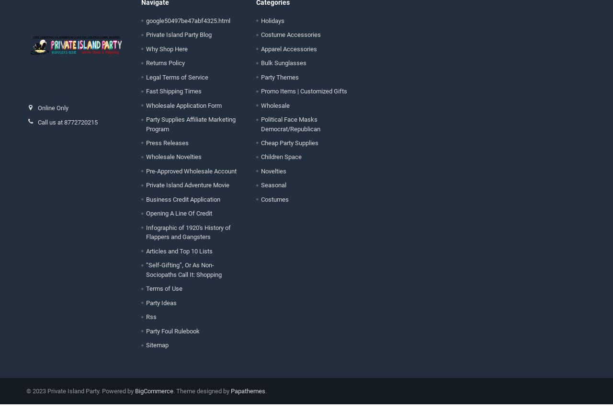  What do you see at coordinates (201, 397) in the screenshot?
I see `'. Theme designed by'` at bounding box center [201, 397].